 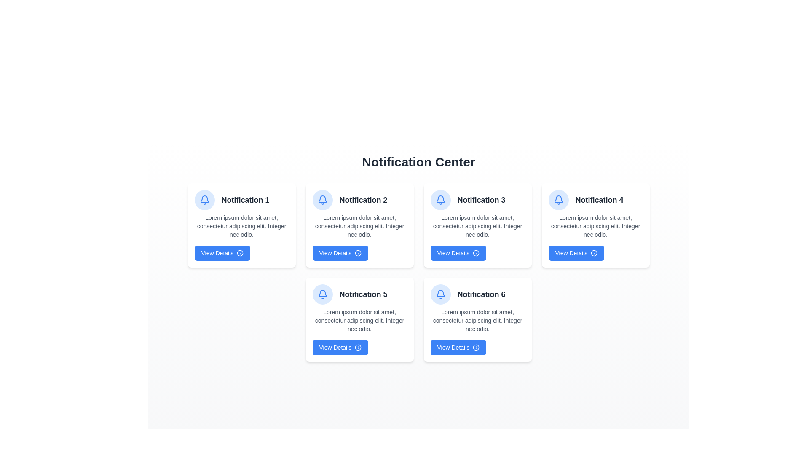 I want to click on the circular icon outline at the bottom part of the 'Notification 6' card, which is the outermost circle of the 'View Details' button, so click(x=476, y=348).